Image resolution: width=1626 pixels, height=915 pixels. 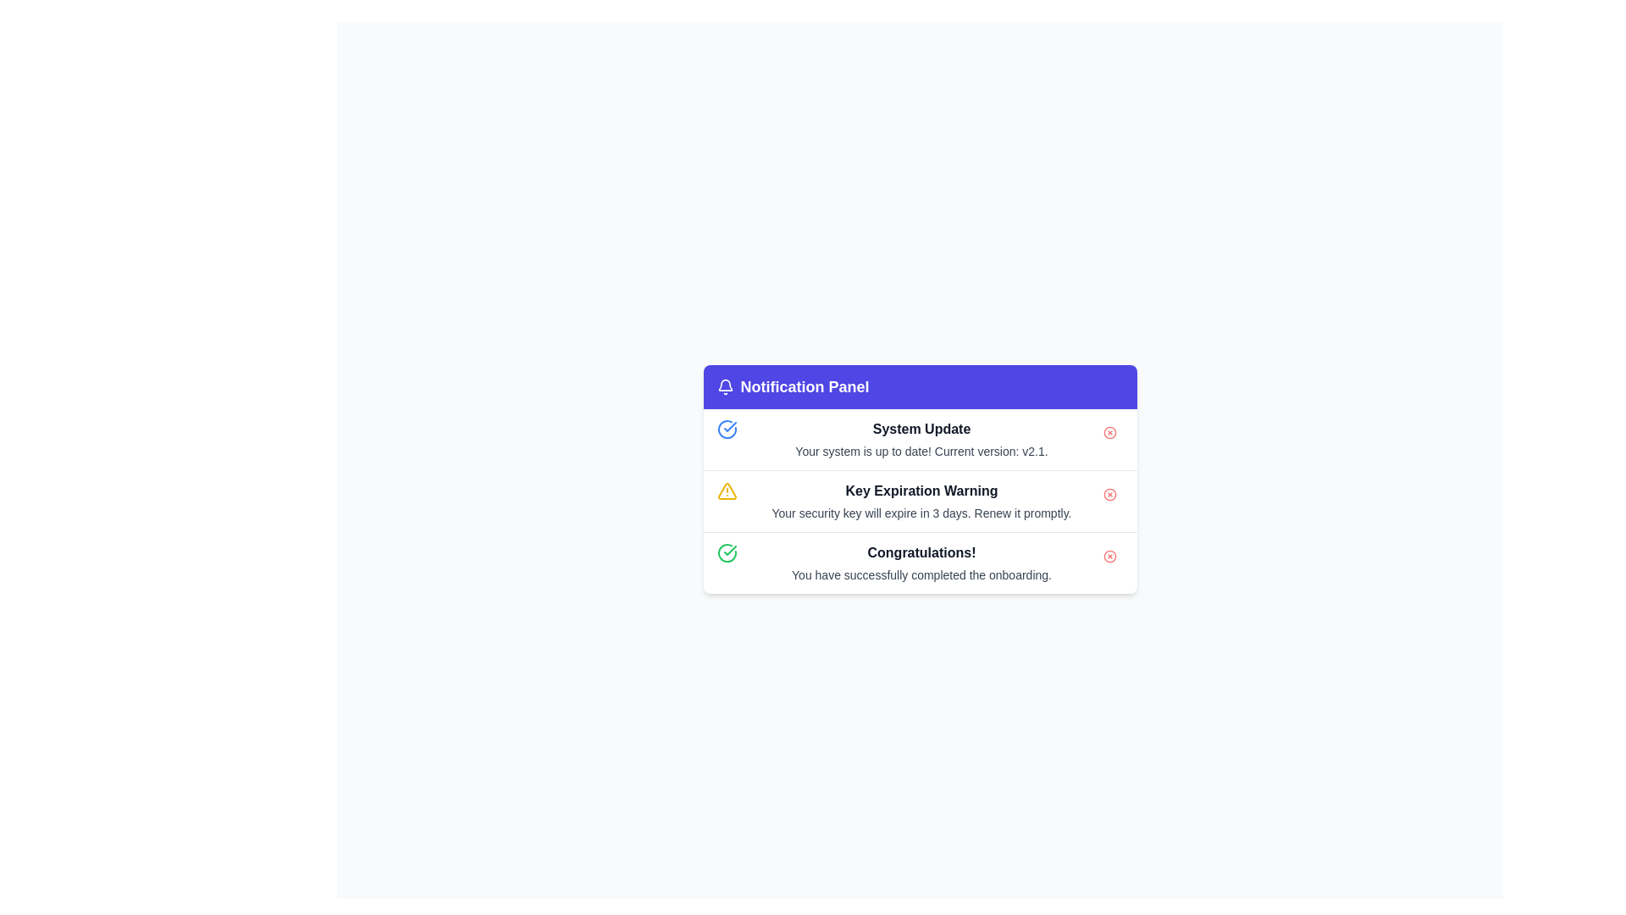 I want to click on text in the notification item alerting the user about the impending expiration of their security key, located in the second row of the Notification Panel, so click(x=919, y=500).